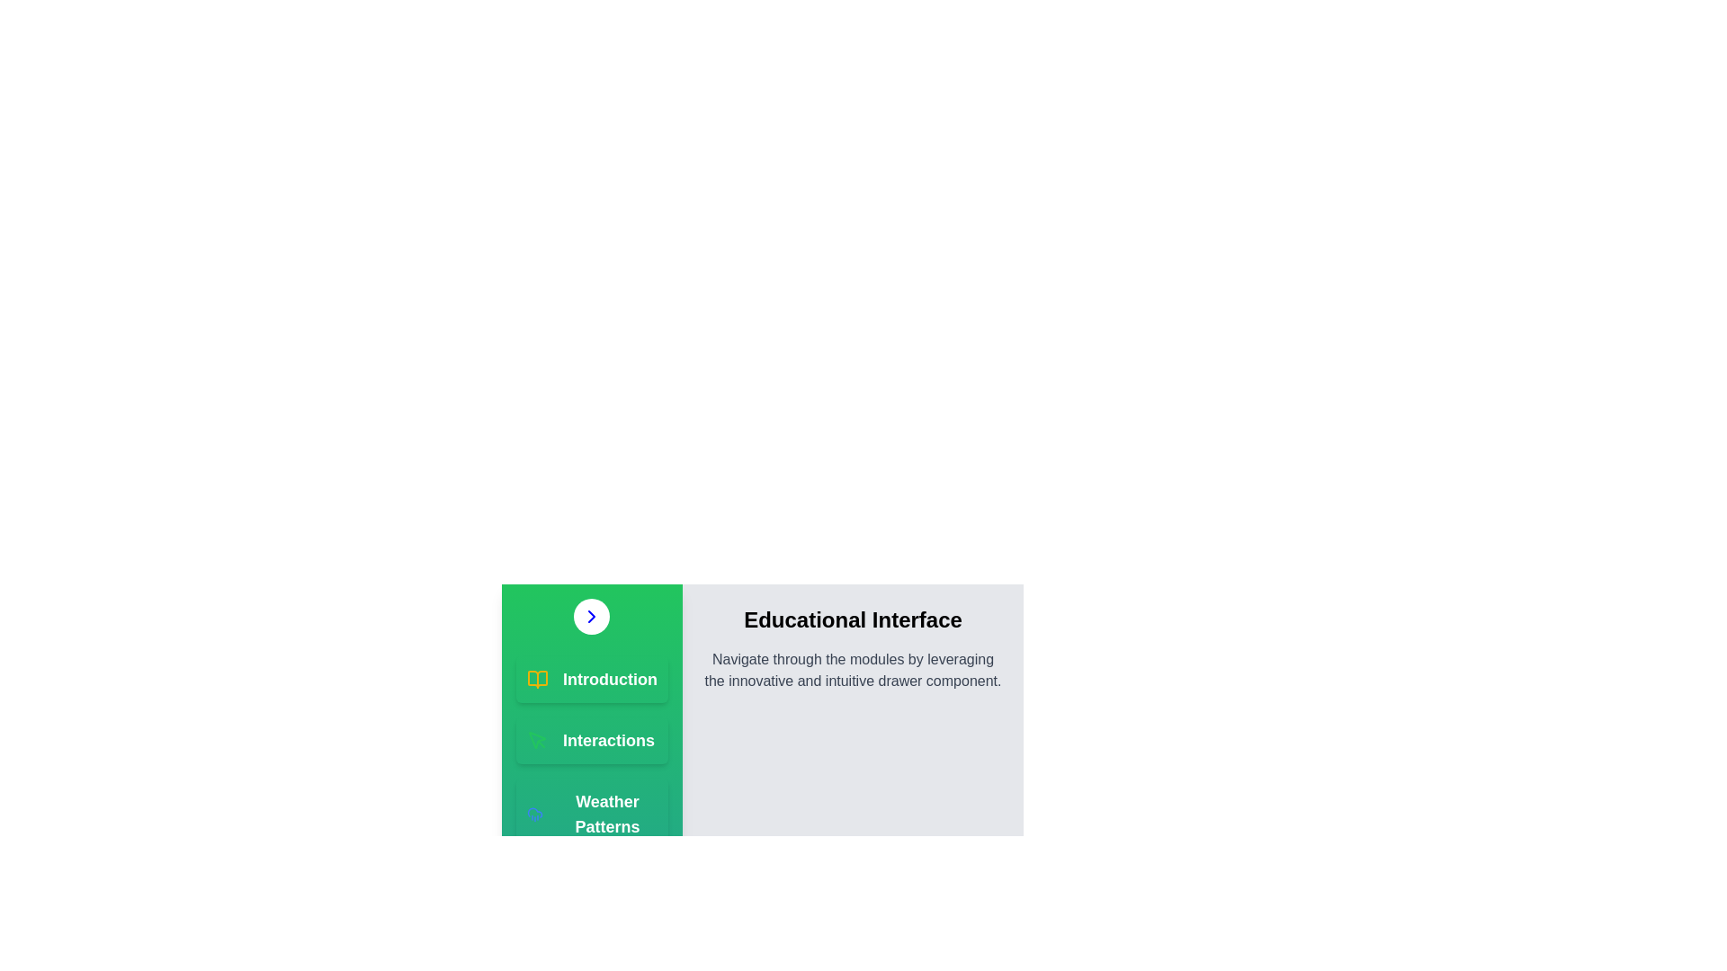  I want to click on the module Interactions from the list, so click(592, 741).